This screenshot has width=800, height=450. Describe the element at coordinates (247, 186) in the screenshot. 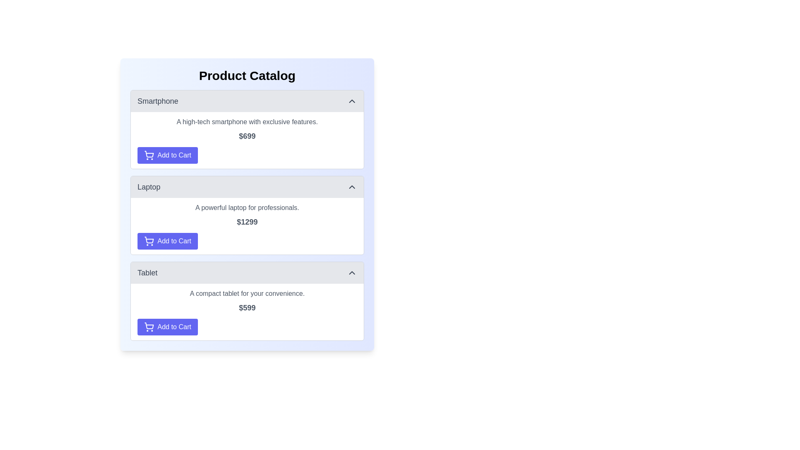

I see `the 'Laptop' button located in the second item of the vertical product catalog` at that location.